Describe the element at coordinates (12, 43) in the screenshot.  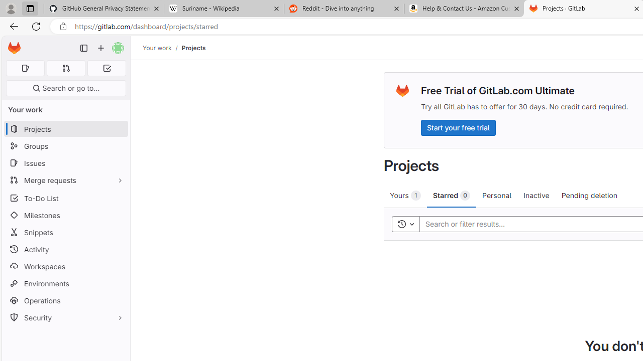
I see `'Skip to main content'` at that location.